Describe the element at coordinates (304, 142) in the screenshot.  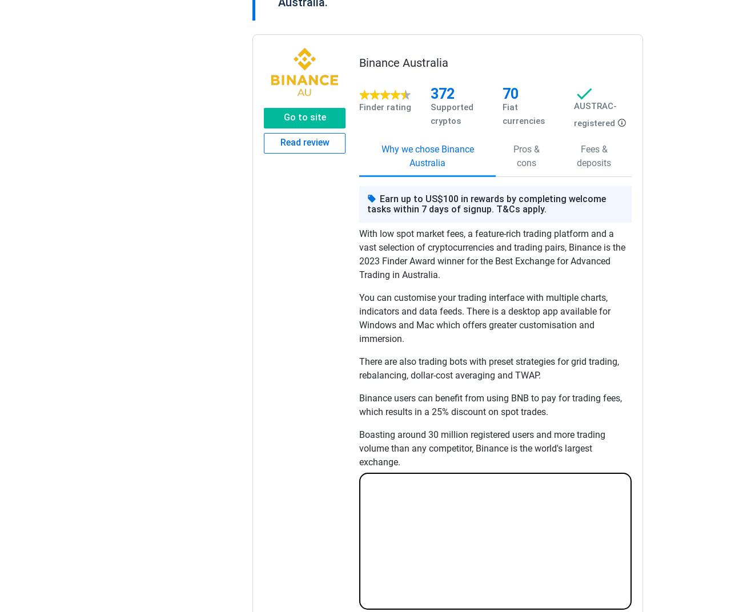
I see `'Read review'` at that location.